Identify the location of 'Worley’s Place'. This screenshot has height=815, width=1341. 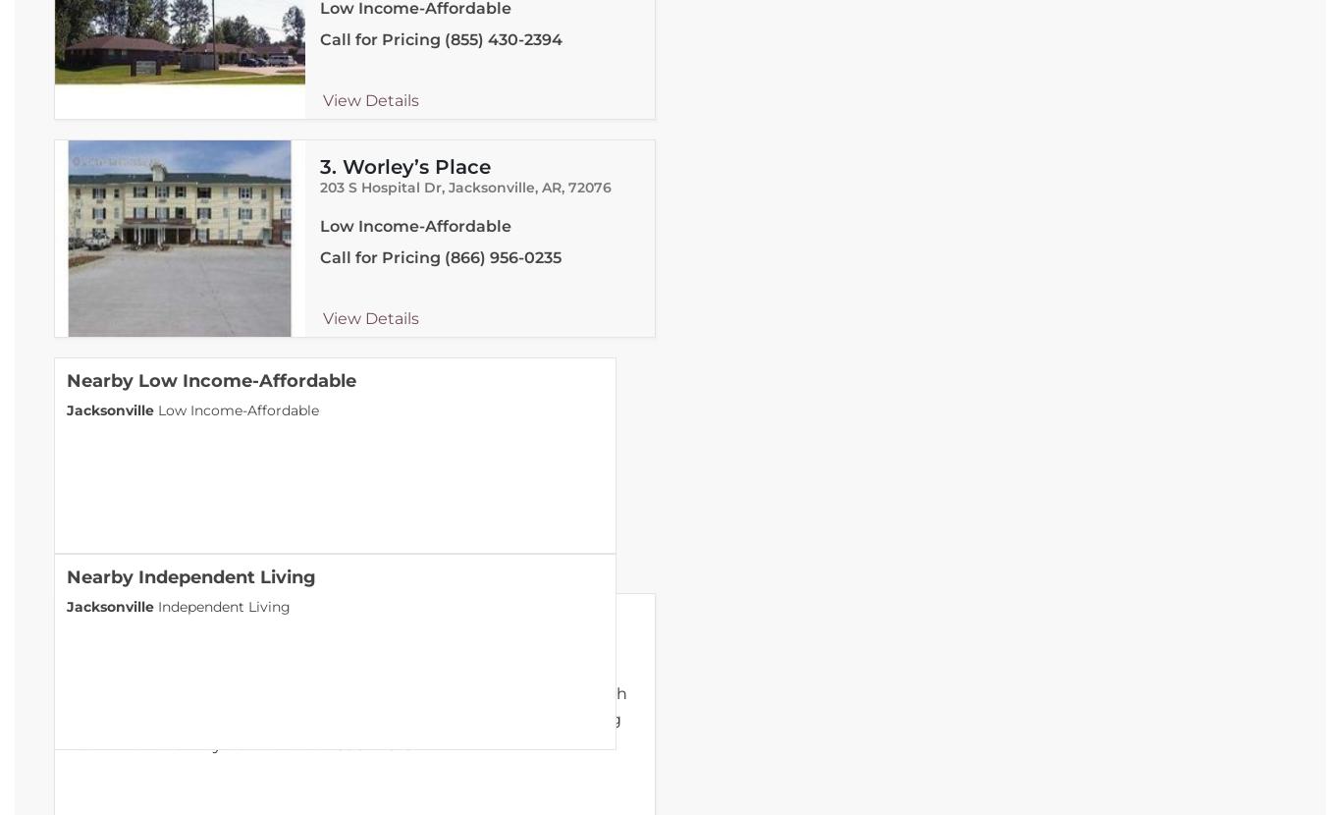
(414, 166).